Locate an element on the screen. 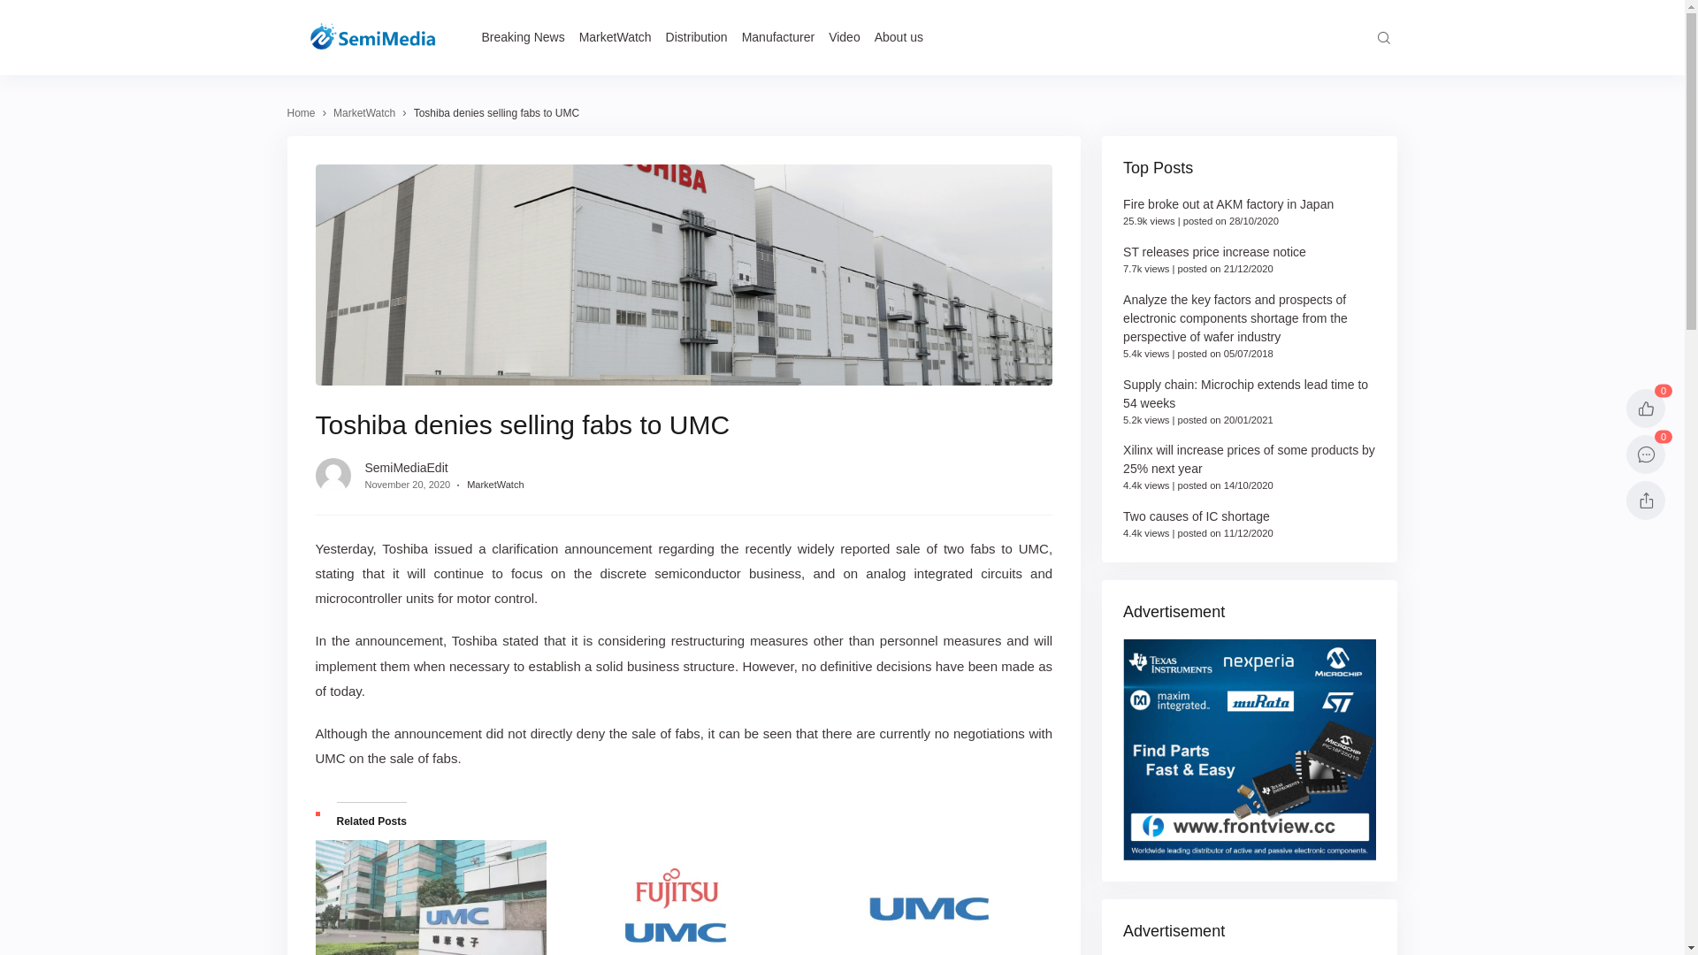 Image resolution: width=1698 pixels, height=955 pixels. 'SemiMediaEdit' is located at coordinates (405, 466).